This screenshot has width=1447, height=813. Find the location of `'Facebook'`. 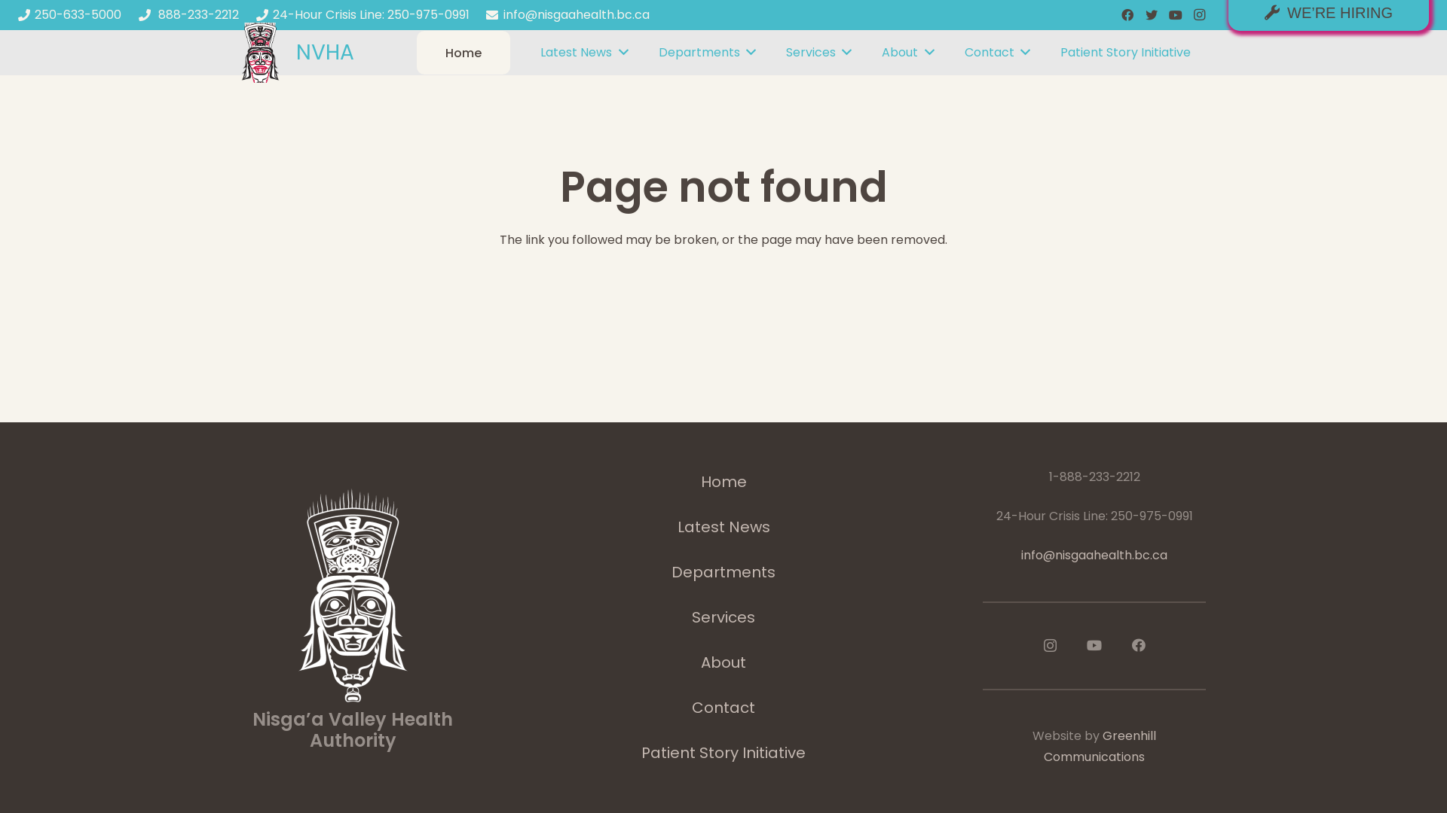

'Facebook' is located at coordinates (1139, 644).